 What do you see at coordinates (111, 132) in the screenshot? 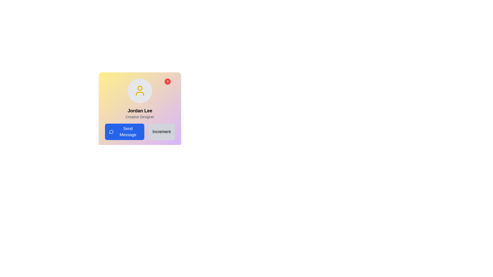
I see `the circular shape within the SVG comment icon, which is part of the chat UI component, located adjacent to the 'Send Message' button` at bounding box center [111, 132].